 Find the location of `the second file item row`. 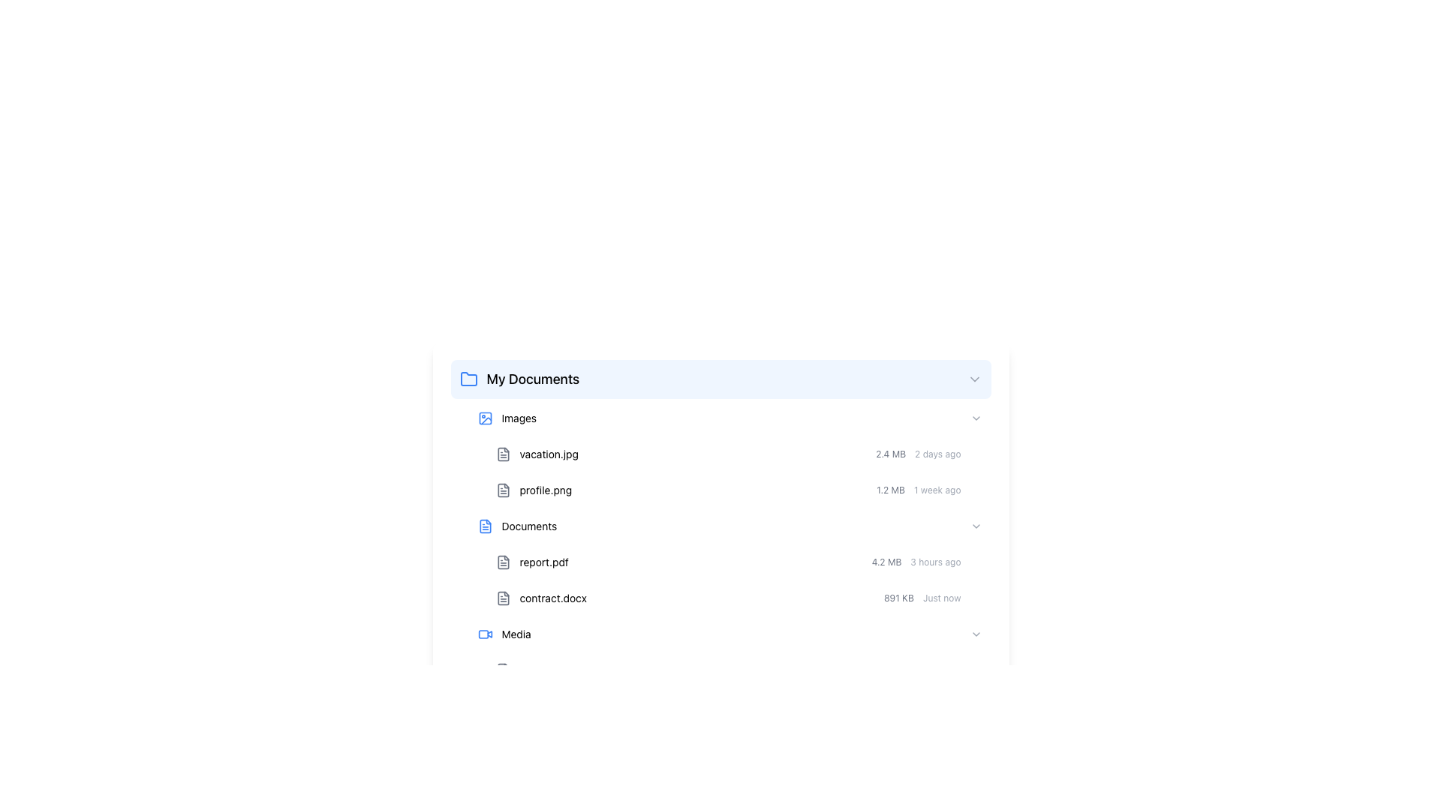

the second file item row is located at coordinates (739, 490).